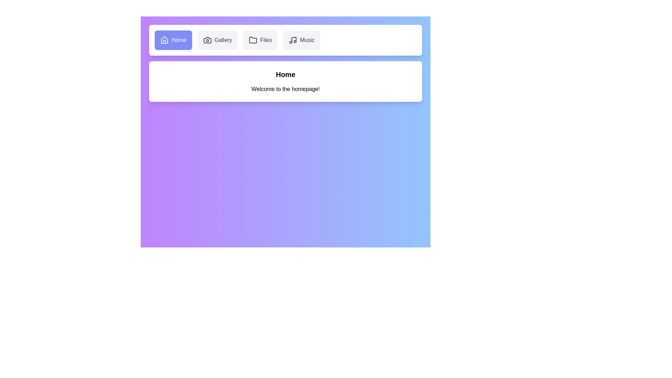 This screenshot has width=672, height=378. What do you see at coordinates (173, 40) in the screenshot?
I see `the Home tab by clicking on it` at bounding box center [173, 40].